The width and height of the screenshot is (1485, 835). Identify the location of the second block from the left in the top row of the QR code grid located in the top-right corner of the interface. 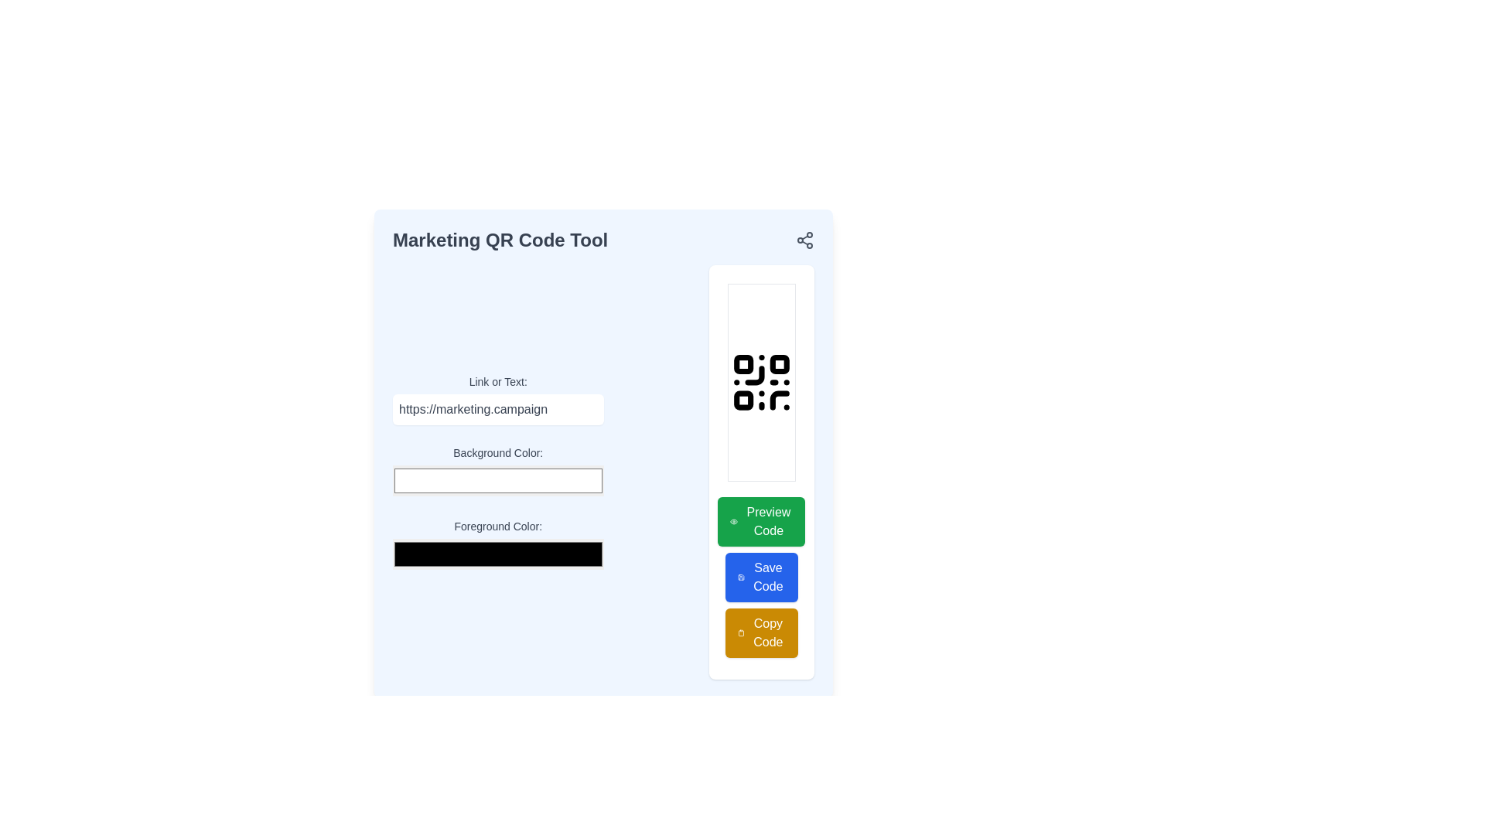
(780, 364).